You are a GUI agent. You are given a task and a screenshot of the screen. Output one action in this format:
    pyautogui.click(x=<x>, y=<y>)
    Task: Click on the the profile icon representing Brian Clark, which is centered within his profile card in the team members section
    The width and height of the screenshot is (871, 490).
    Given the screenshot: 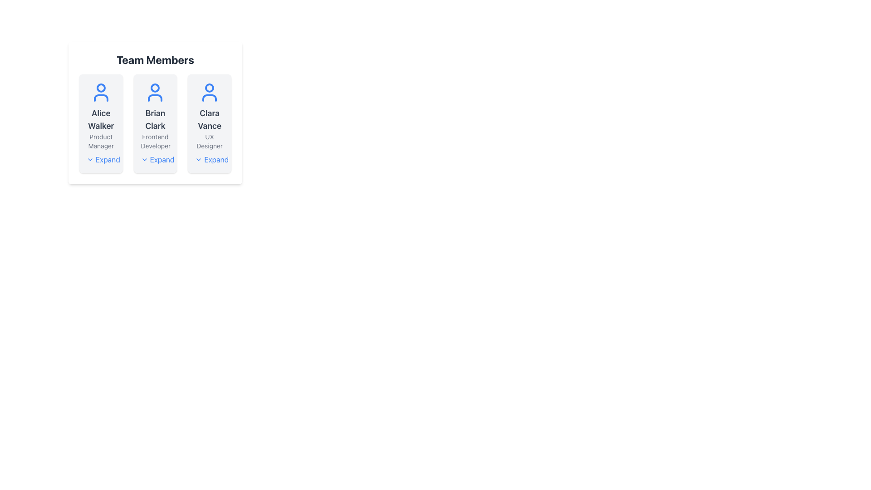 What is the action you would take?
    pyautogui.click(x=155, y=93)
    